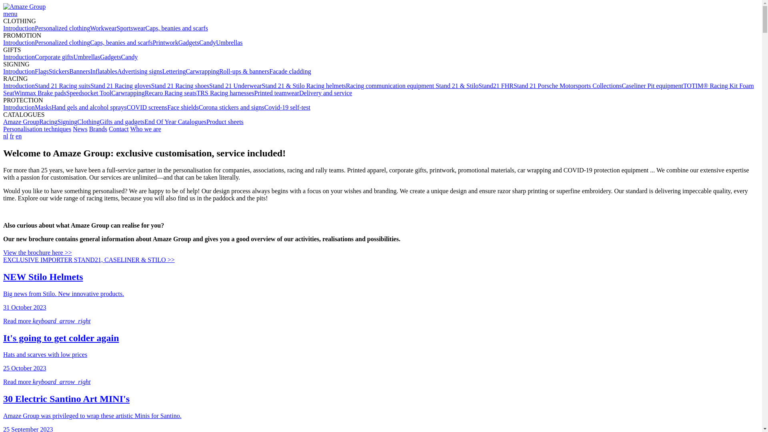  What do you see at coordinates (120, 56) in the screenshot?
I see `'Candy'` at bounding box center [120, 56].